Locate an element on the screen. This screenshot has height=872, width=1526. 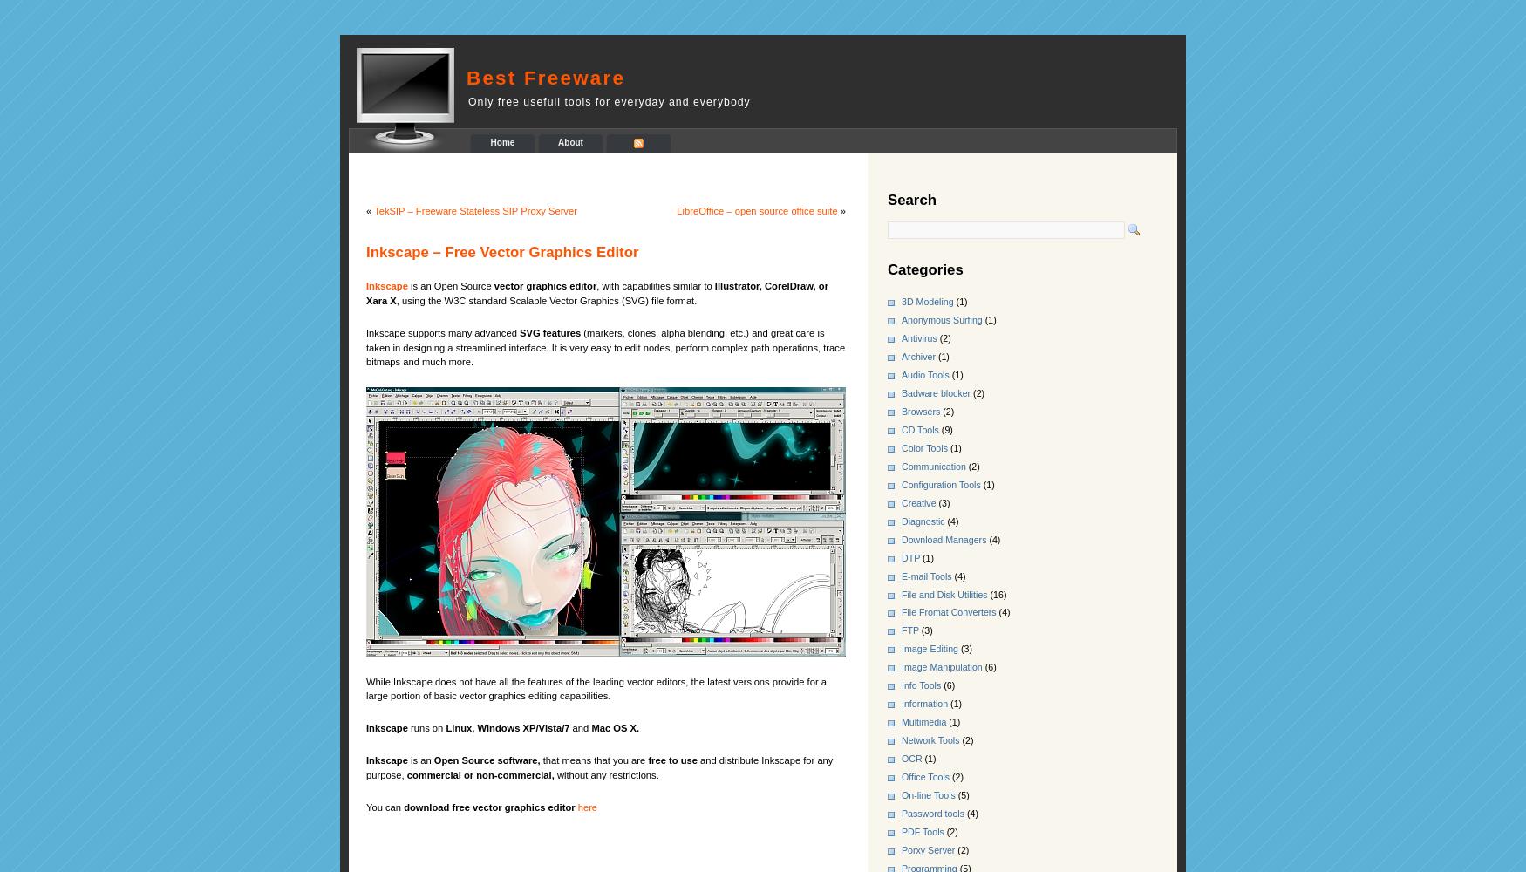
'Information' is located at coordinates (923, 704).